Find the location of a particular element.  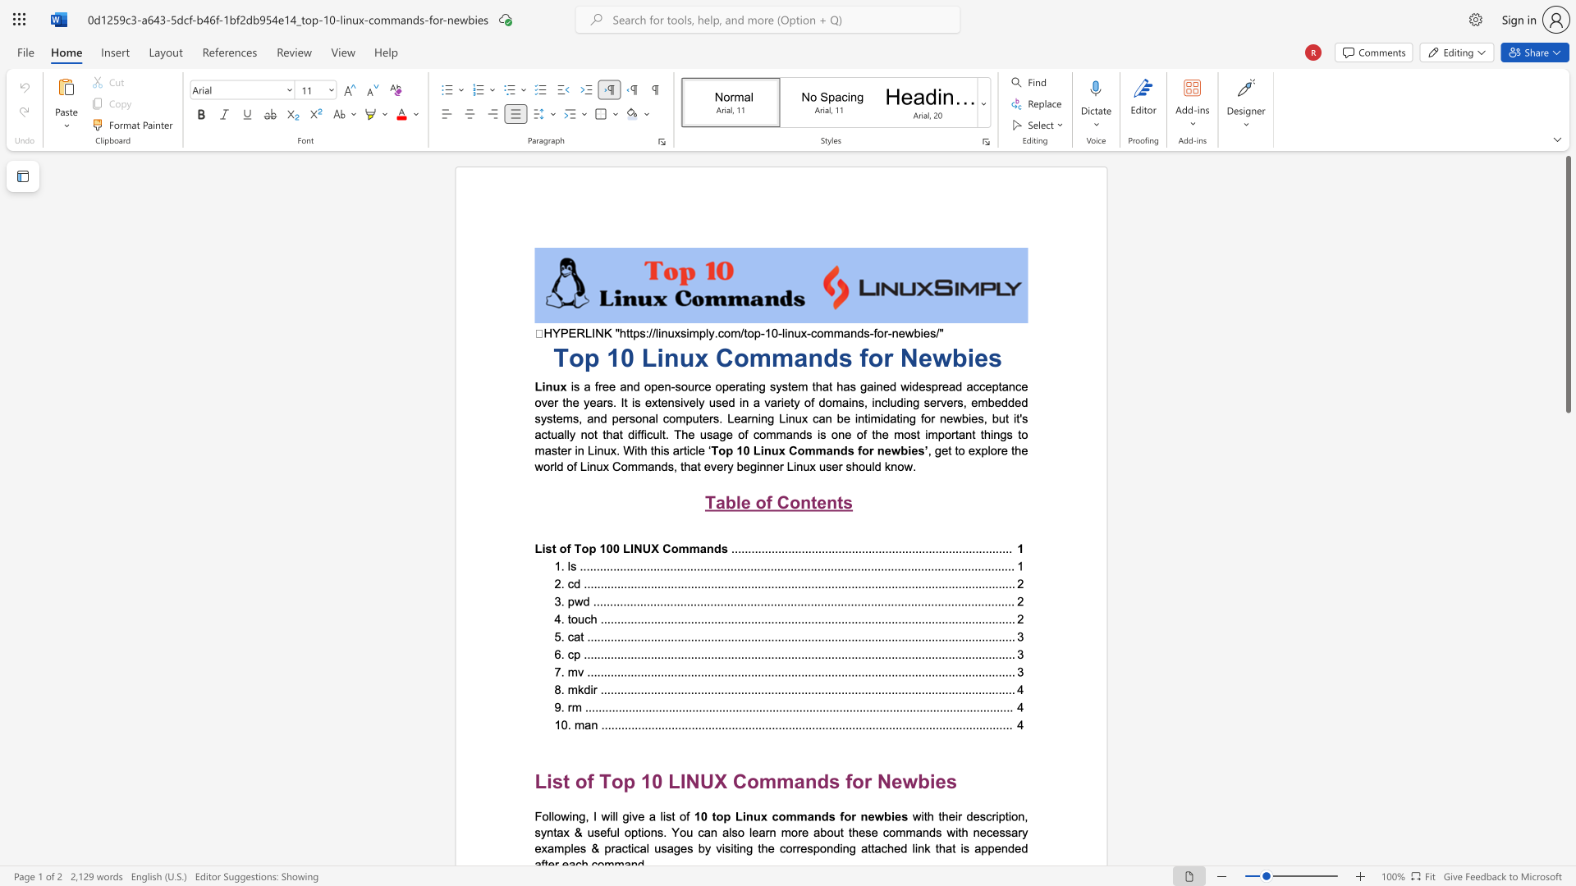

the scrollbar to adjust the page downward is located at coordinates (1567, 525).